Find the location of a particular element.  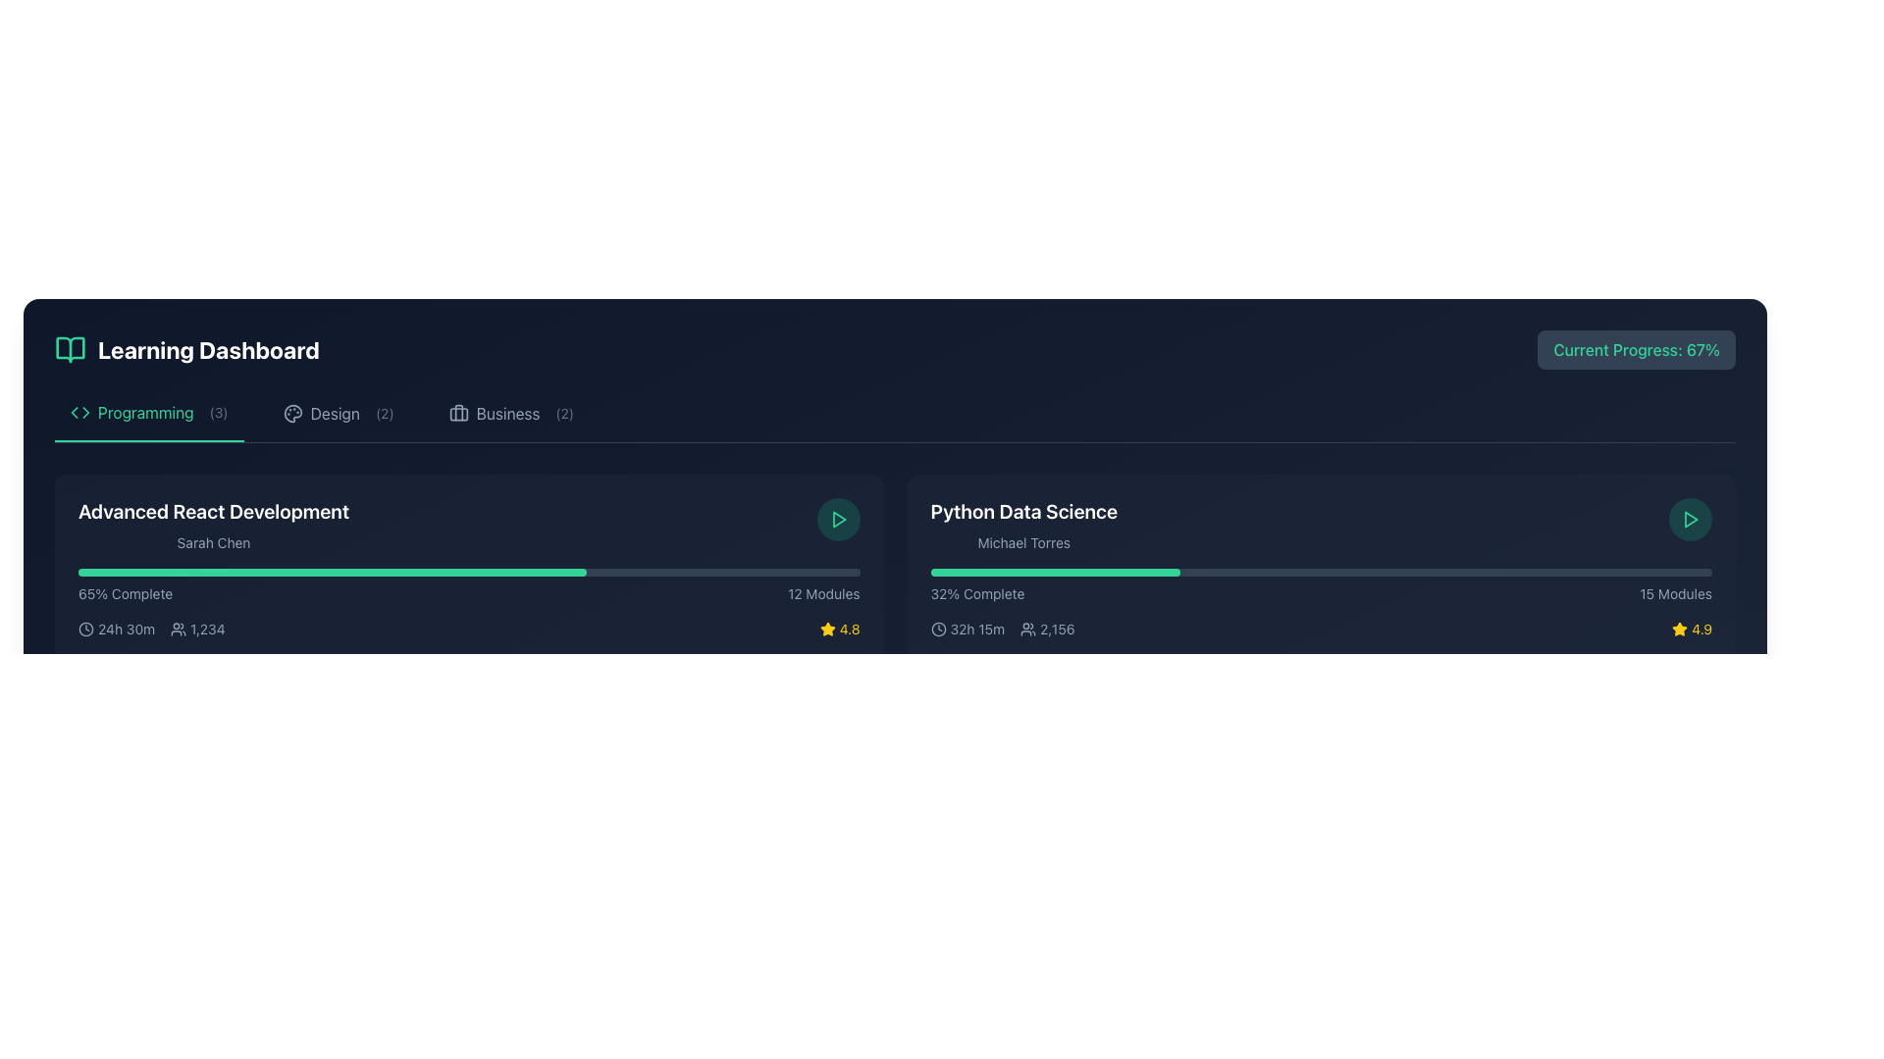

the text label displaying the course title 'Python Data Science' located at the top of its card in the Programming category of the learning dashboard is located at coordinates (1022, 510).